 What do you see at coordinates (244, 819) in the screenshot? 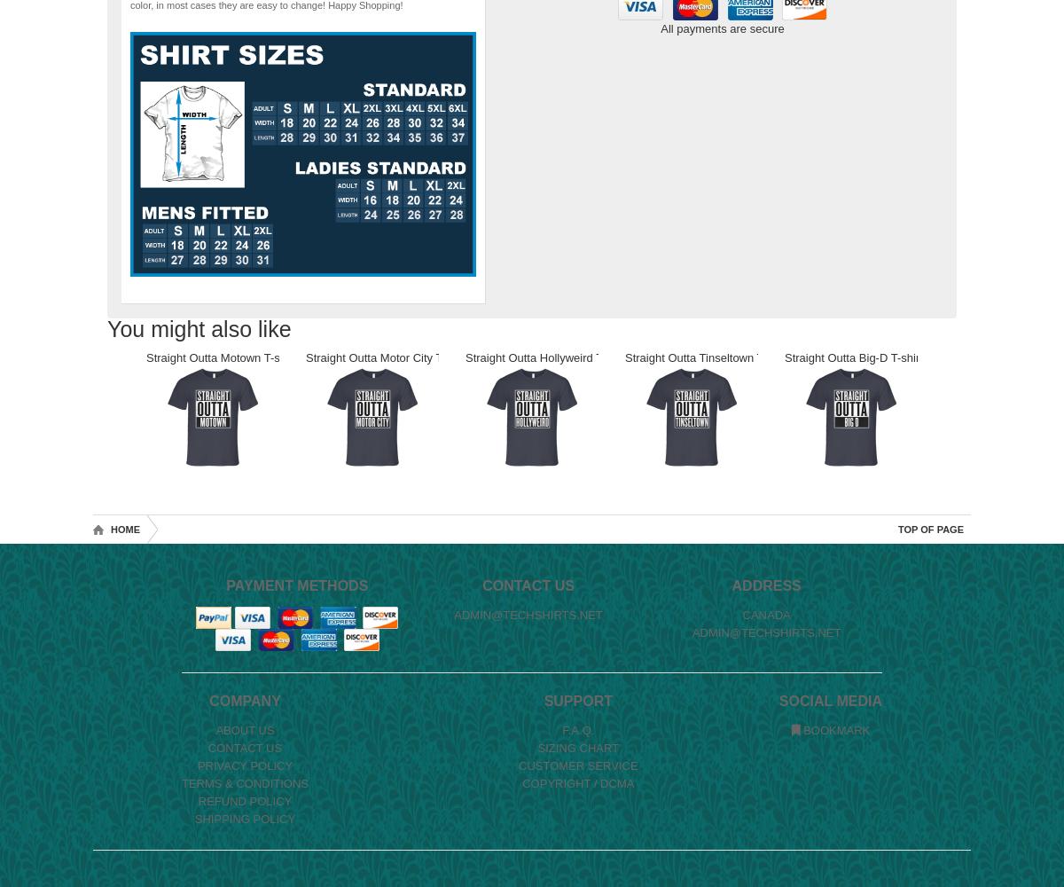
I see `'Shipping Policy'` at bounding box center [244, 819].